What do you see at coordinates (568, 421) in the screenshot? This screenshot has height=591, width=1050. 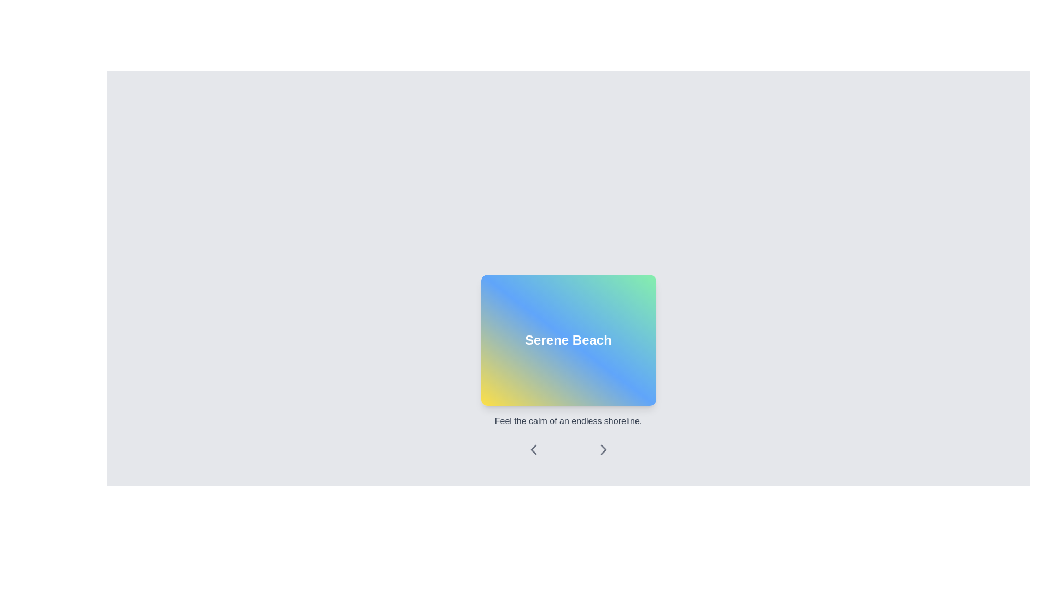 I see `the static text displaying 'Feel the calm of an endless shoreline.' which is styled with a gray font and positioned below the 'Serene Beach' label` at bounding box center [568, 421].